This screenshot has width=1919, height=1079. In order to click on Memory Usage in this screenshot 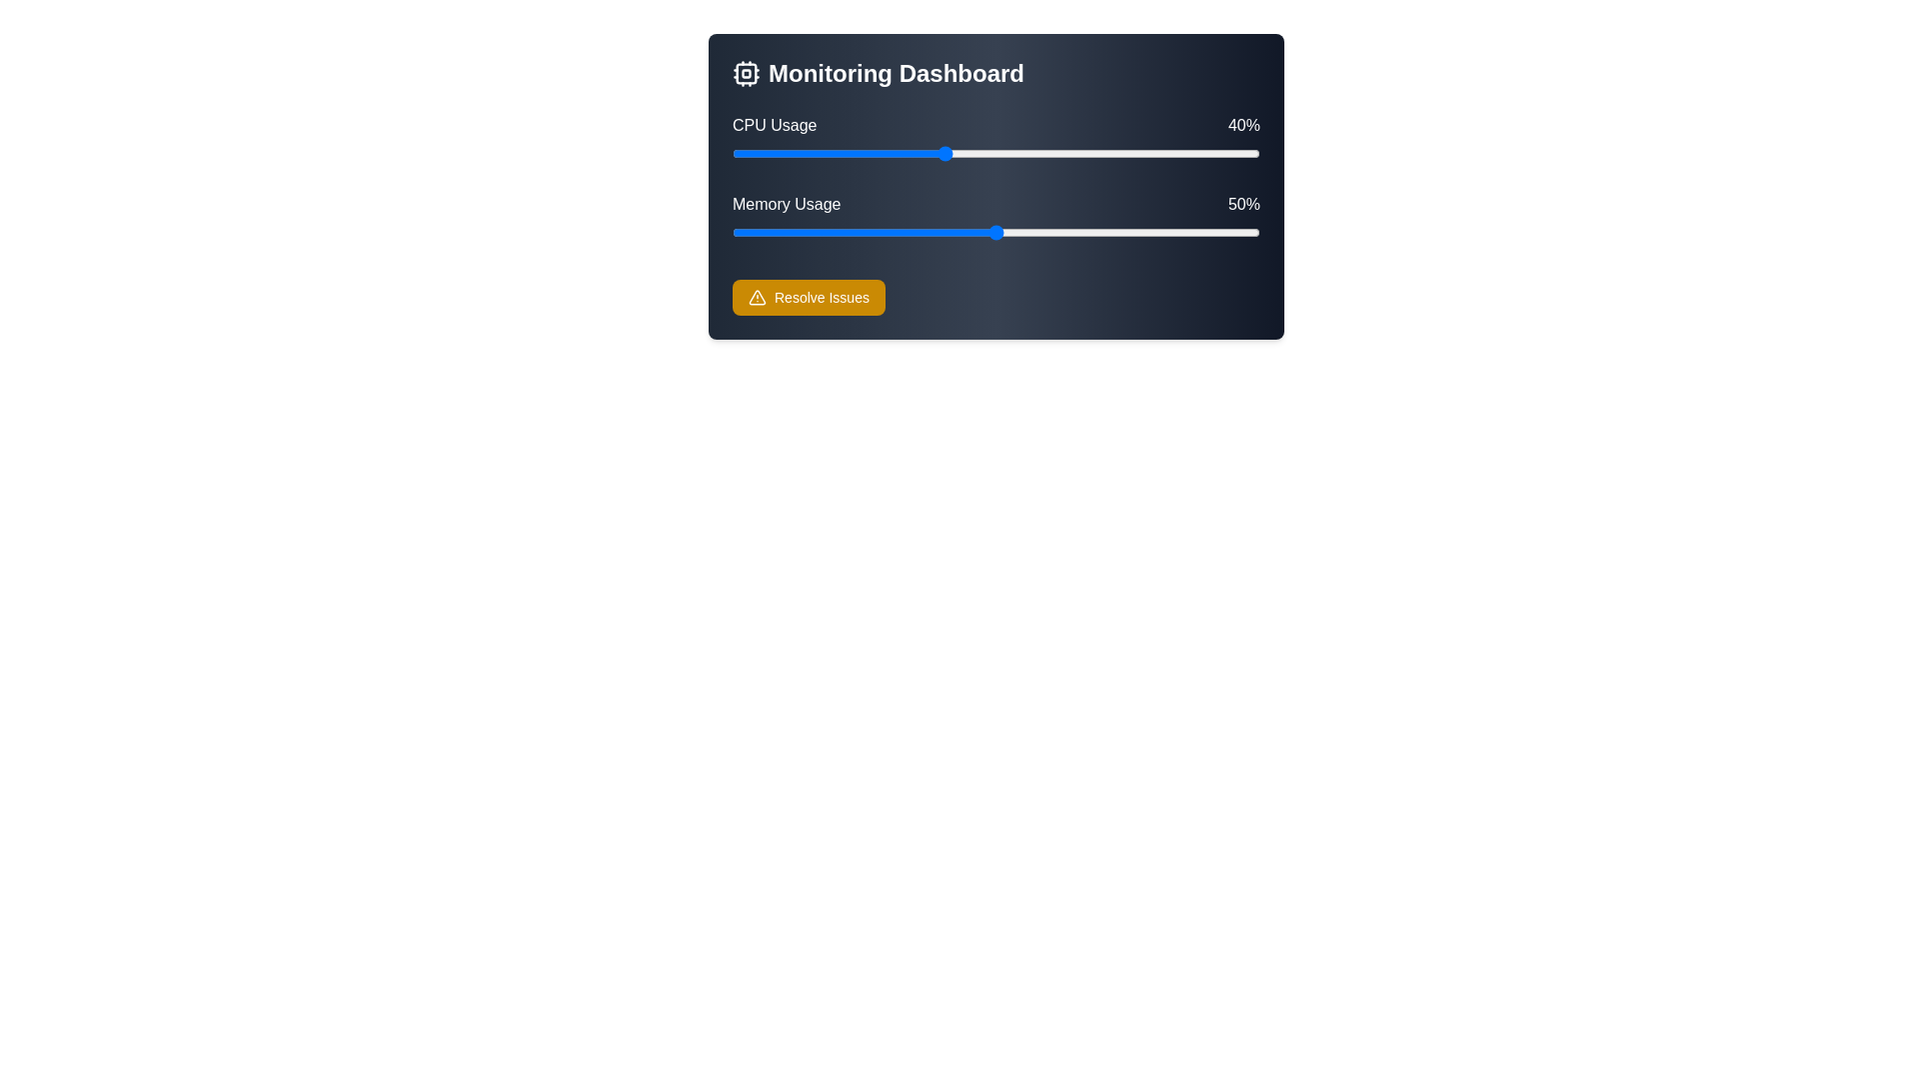, I will do `click(812, 231)`.